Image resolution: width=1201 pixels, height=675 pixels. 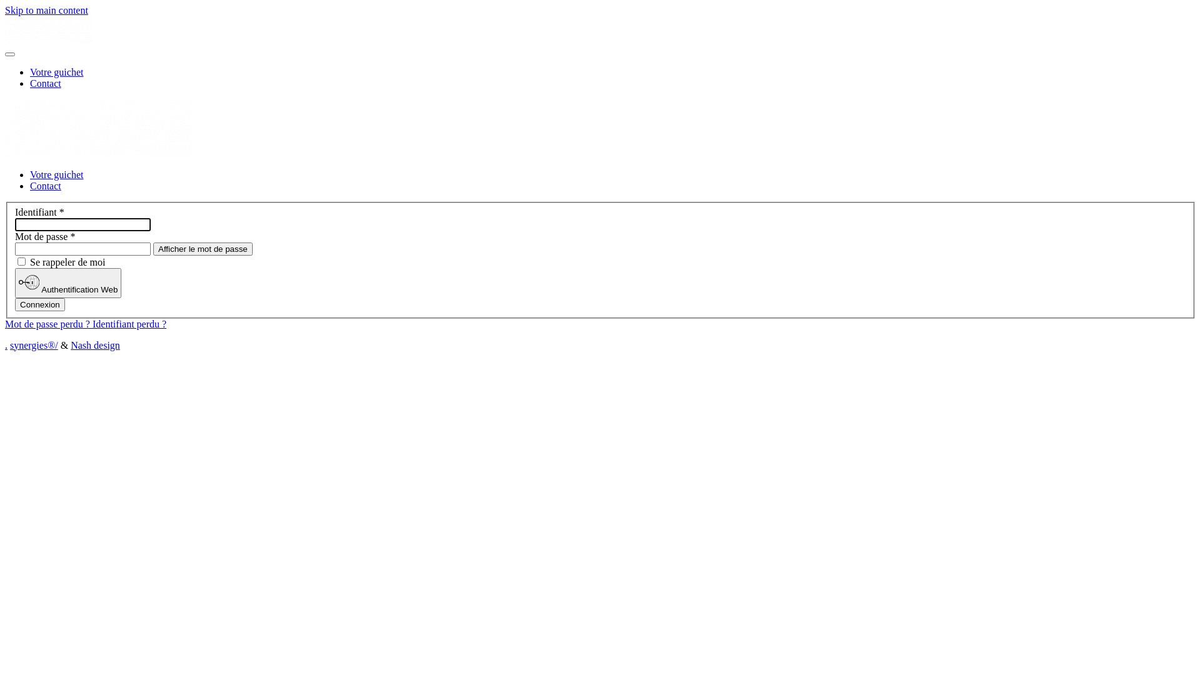 What do you see at coordinates (6, 345) in the screenshot?
I see `'.'` at bounding box center [6, 345].